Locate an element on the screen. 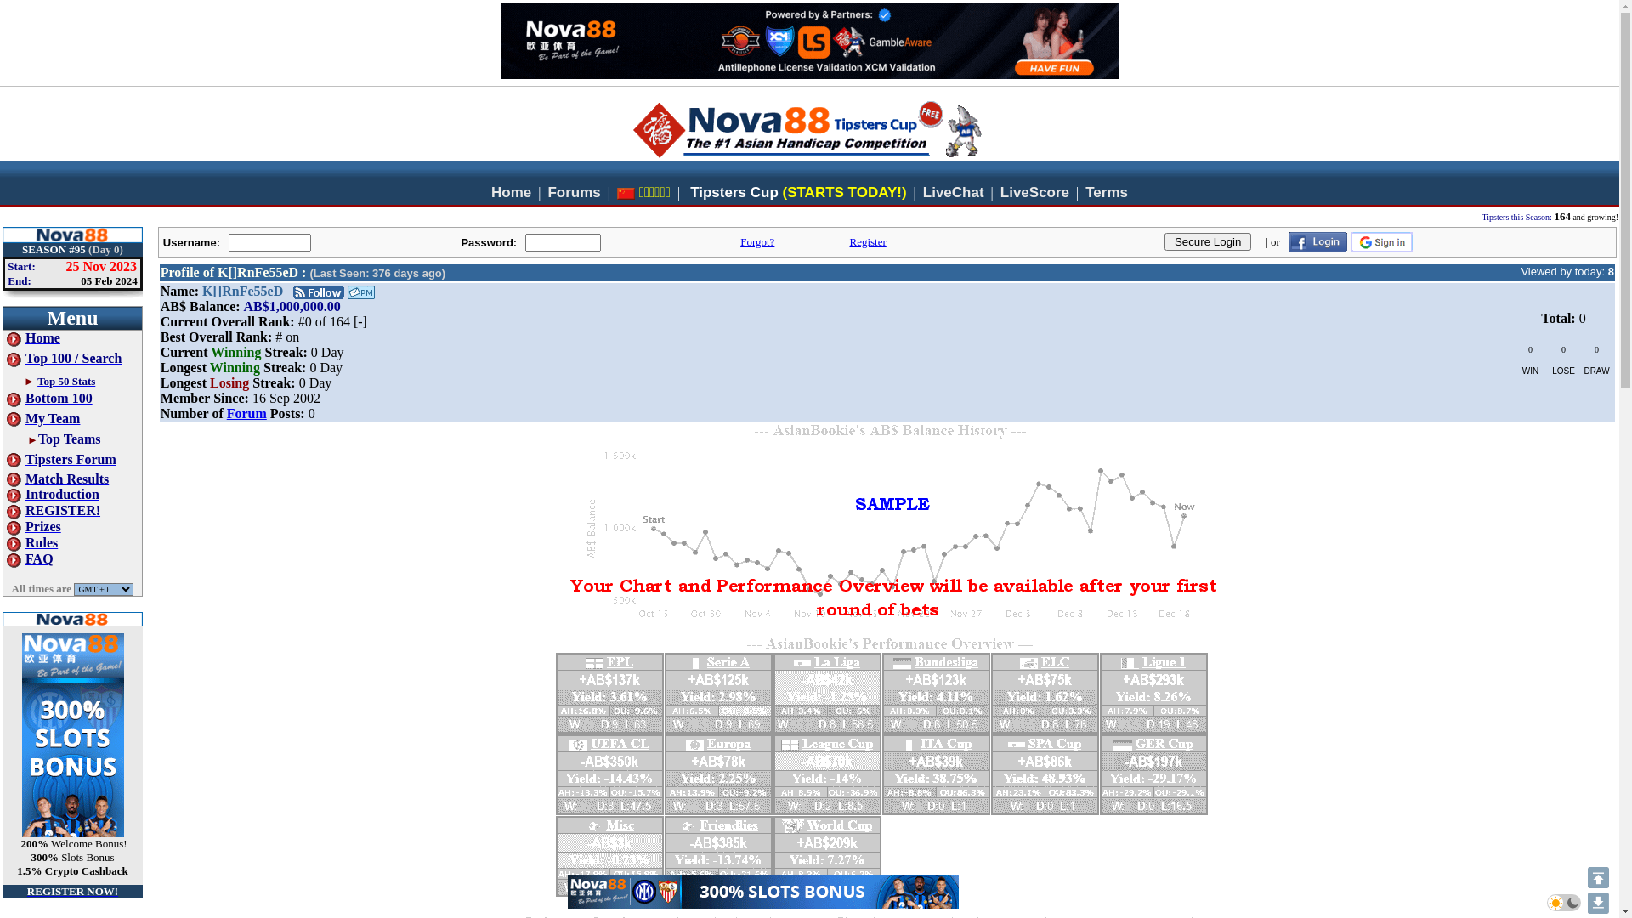  'Bottom 100' is located at coordinates (49, 398).